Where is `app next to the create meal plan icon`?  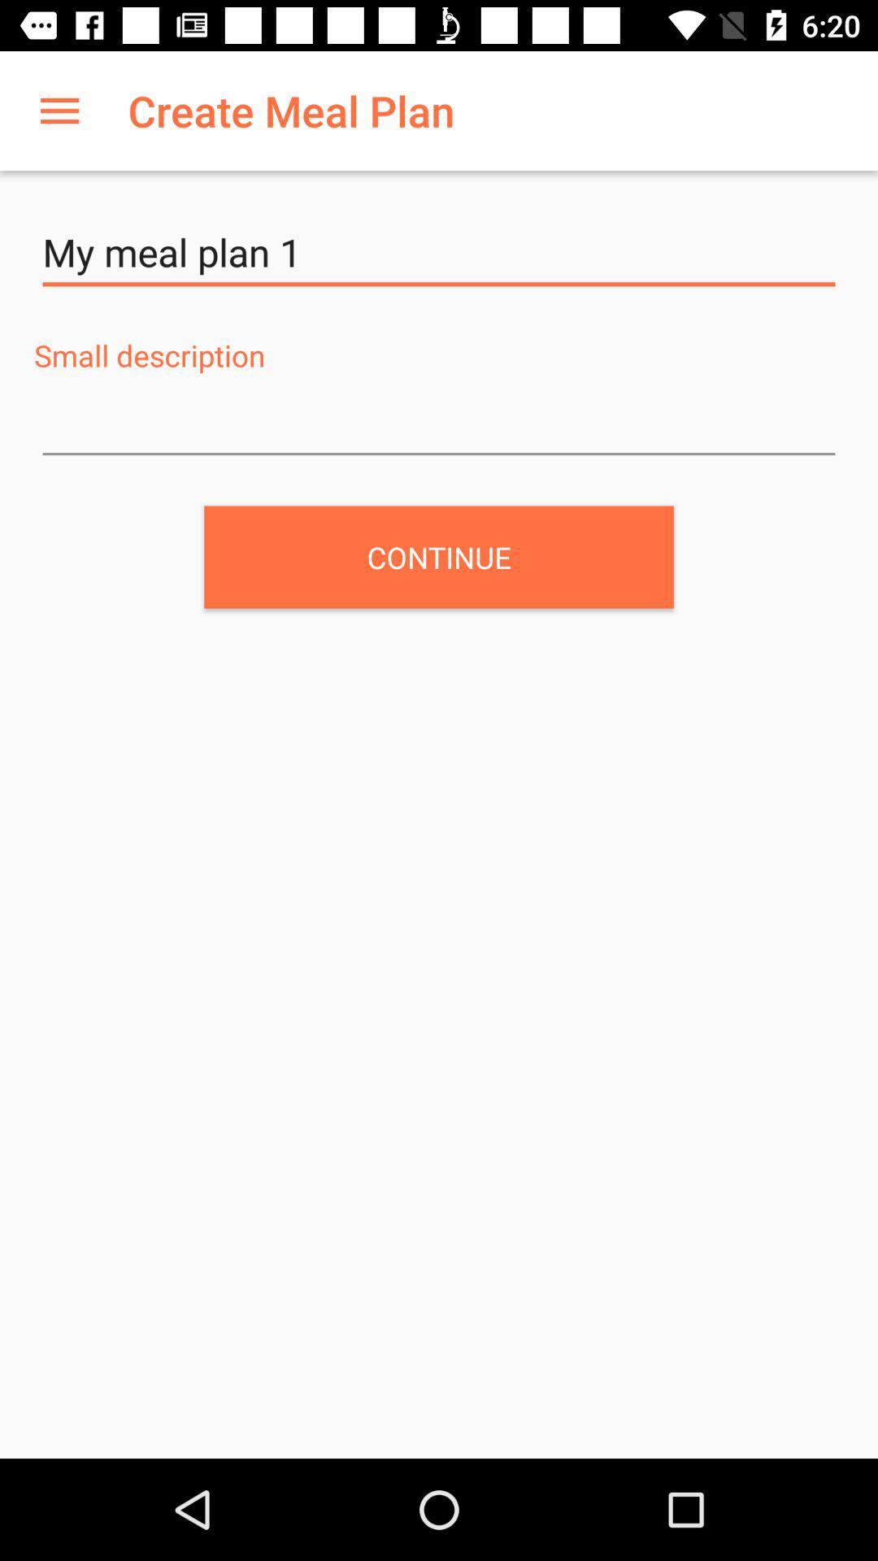
app next to the create meal plan icon is located at coordinates (59, 110).